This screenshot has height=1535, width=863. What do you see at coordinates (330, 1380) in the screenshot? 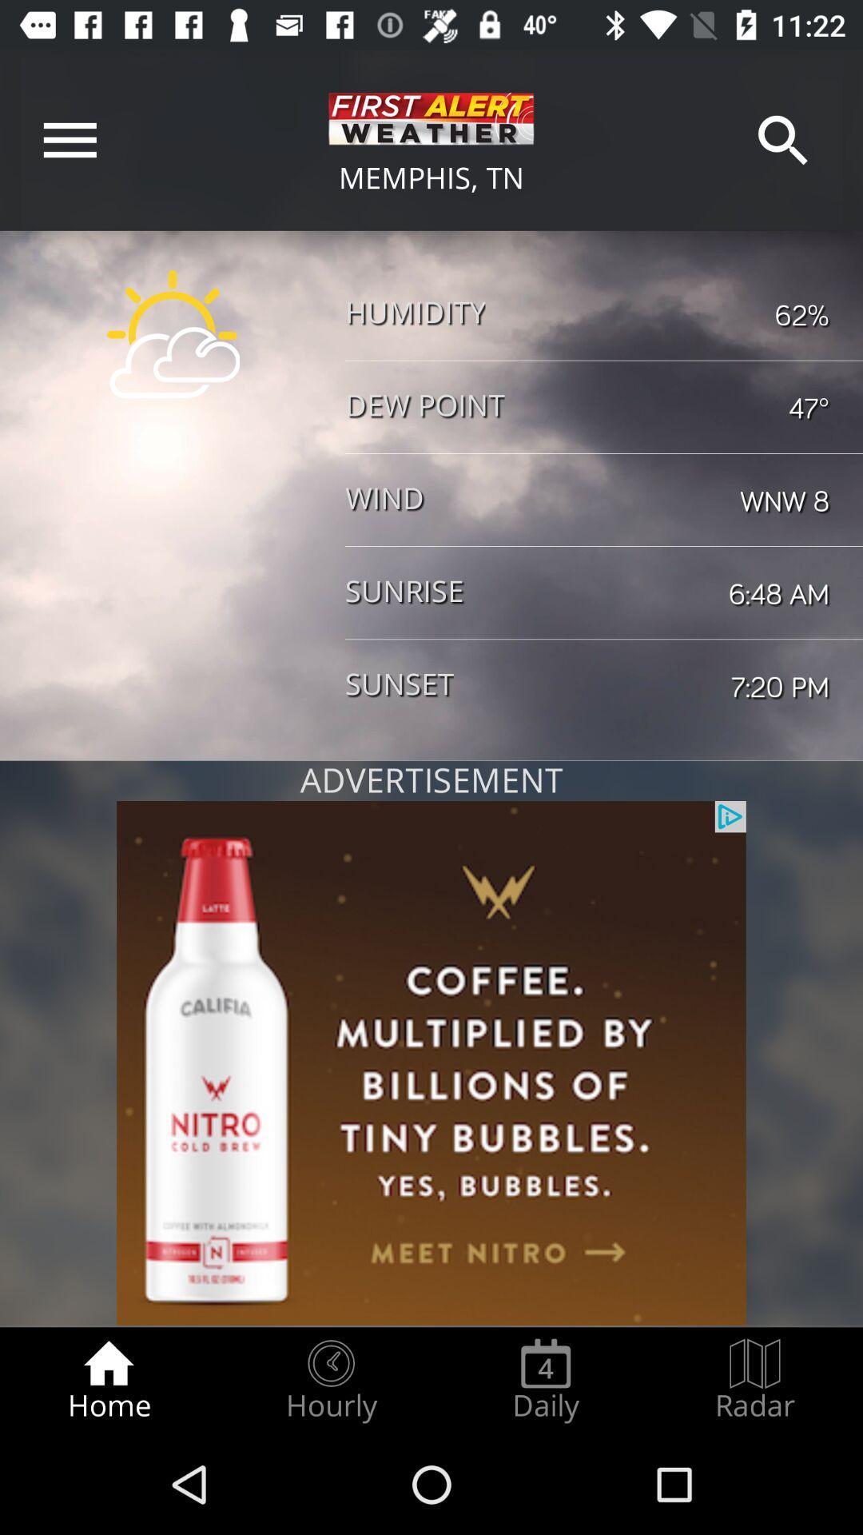
I see `icon next to the home radio button` at bounding box center [330, 1380].